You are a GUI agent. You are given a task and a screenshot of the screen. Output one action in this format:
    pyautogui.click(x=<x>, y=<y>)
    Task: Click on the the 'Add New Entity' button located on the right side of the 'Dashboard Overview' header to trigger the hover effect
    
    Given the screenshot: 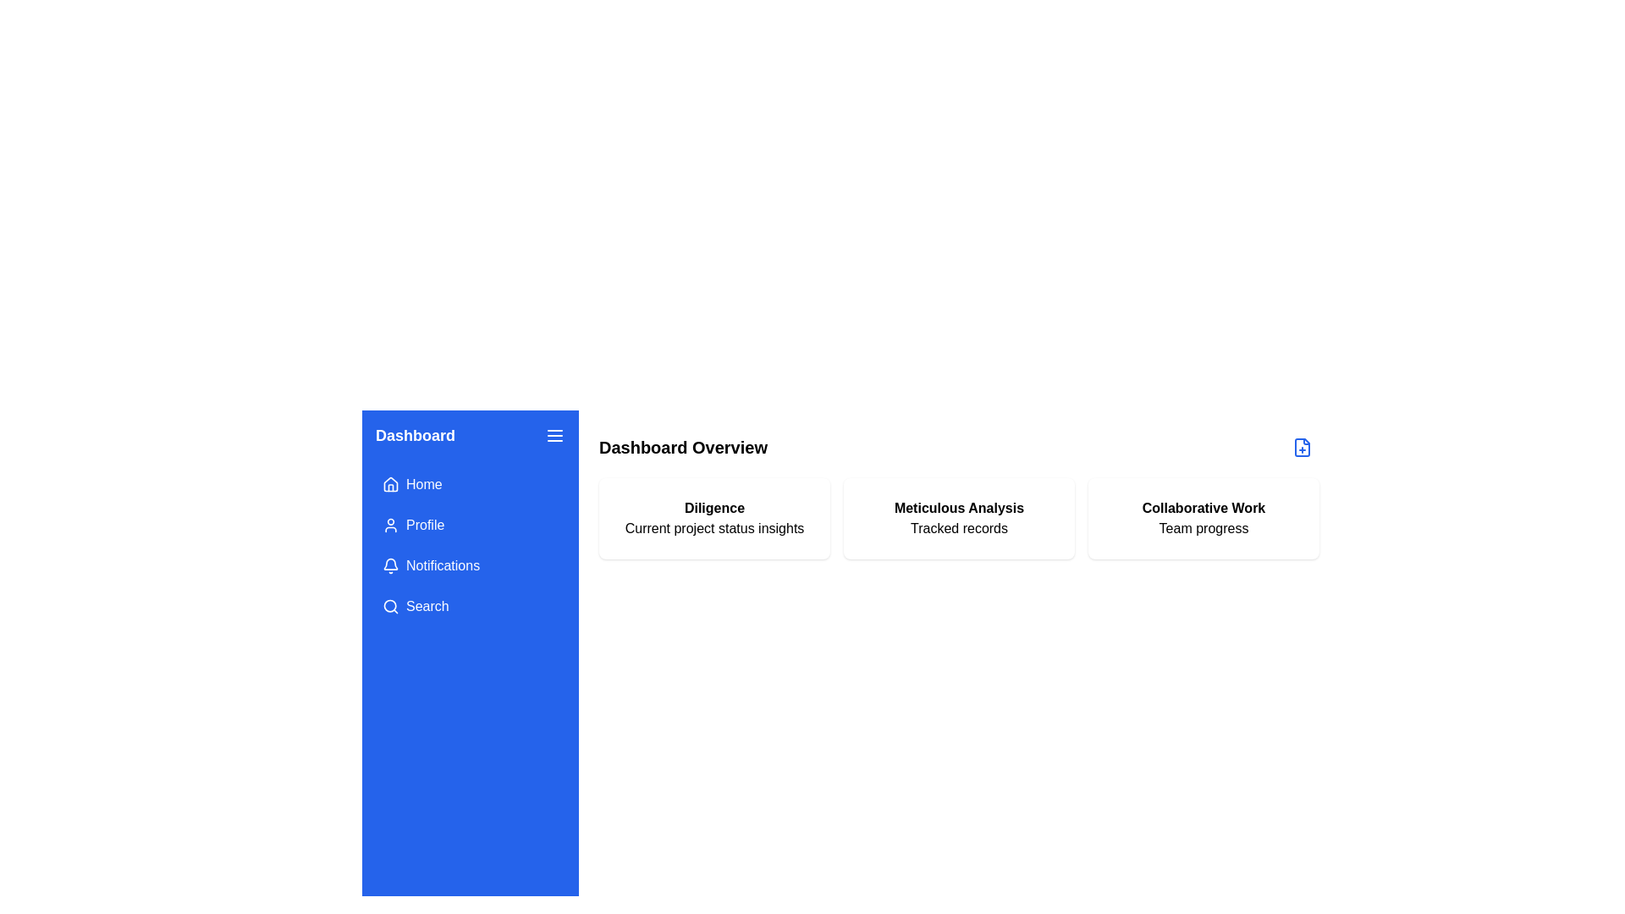 What is the action you would take?
    pyautogui.click(x=1302, y=446)
    